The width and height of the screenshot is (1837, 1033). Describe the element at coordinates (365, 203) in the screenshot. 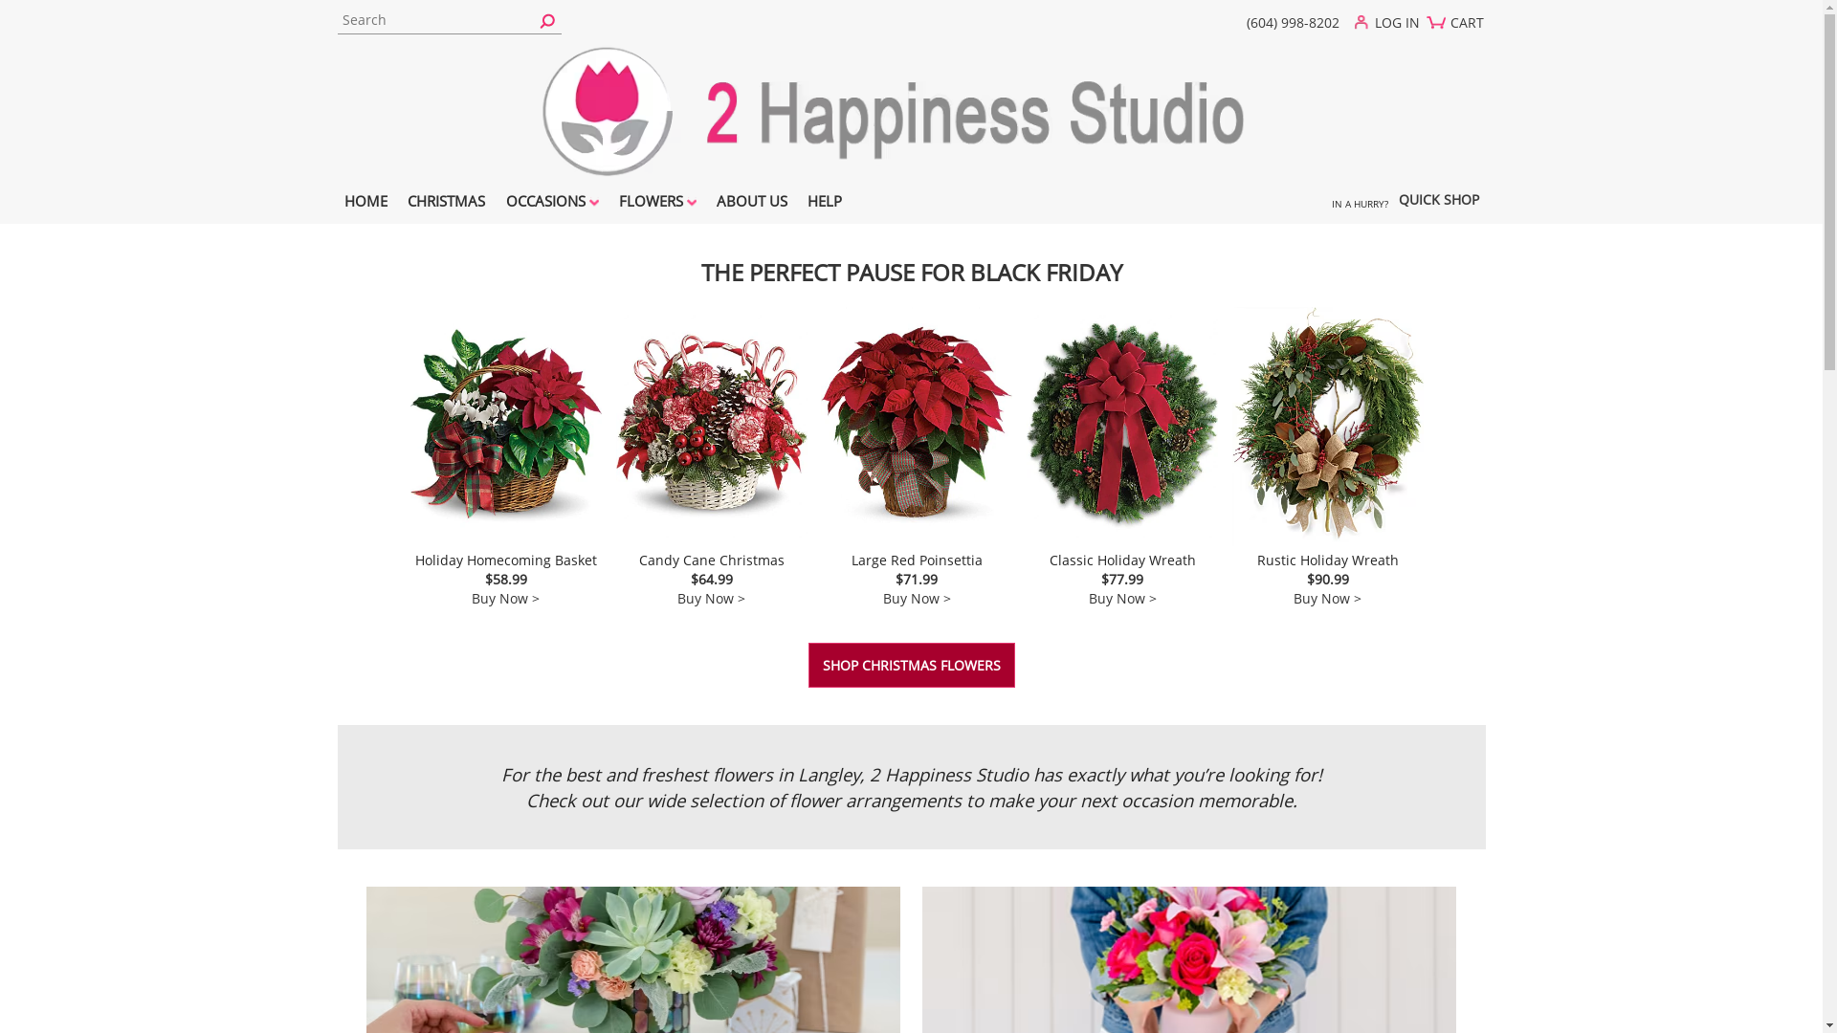

I see `'HOME'` at that location.